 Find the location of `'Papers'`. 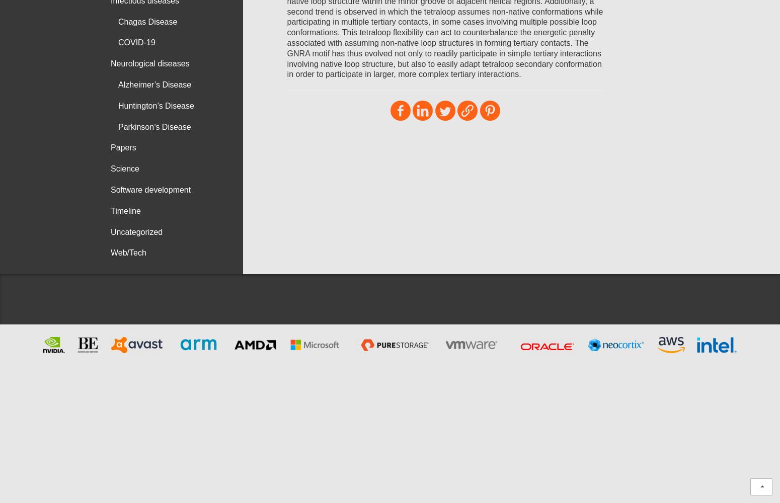

'Papers' is located at coordinates (123, 147).